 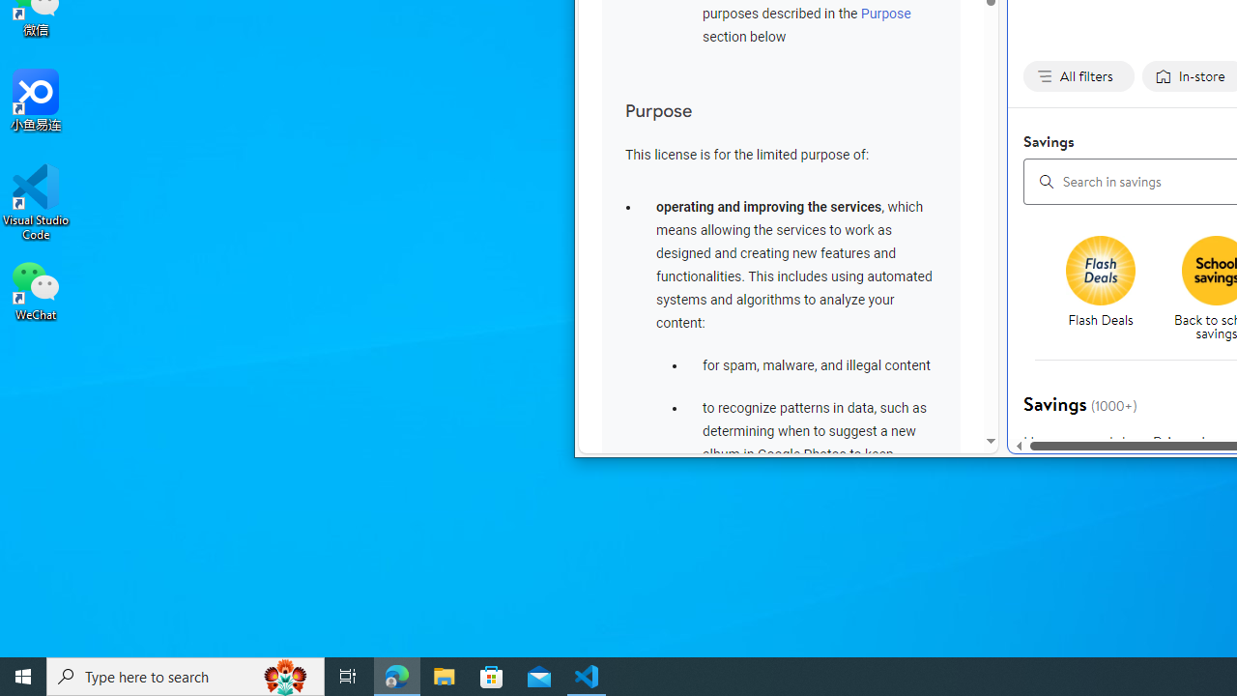 What do you see at coordinates (347, 675) in the screenshot?
I see `'Task View'` at bounding box center [347, 675].